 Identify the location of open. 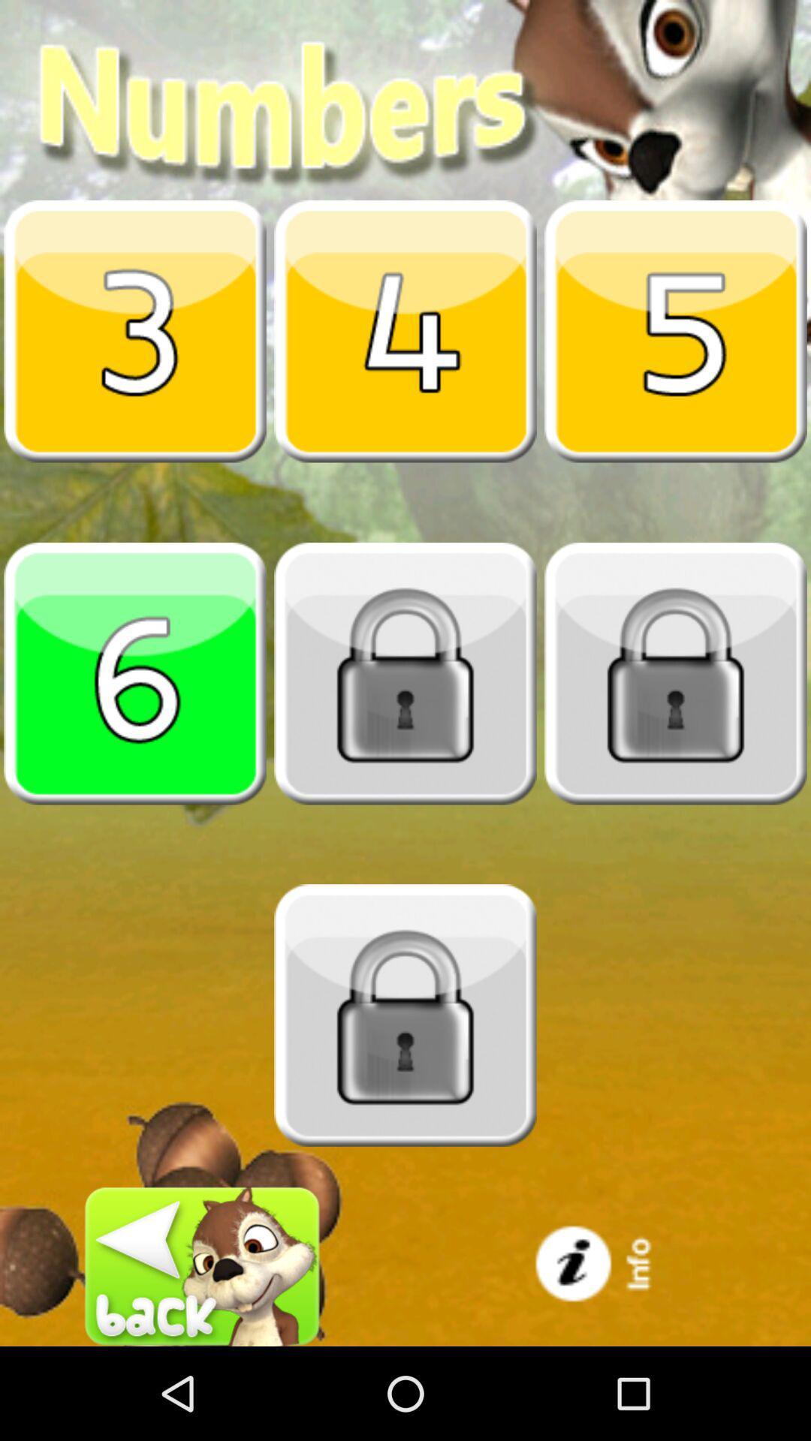
(674, 330).